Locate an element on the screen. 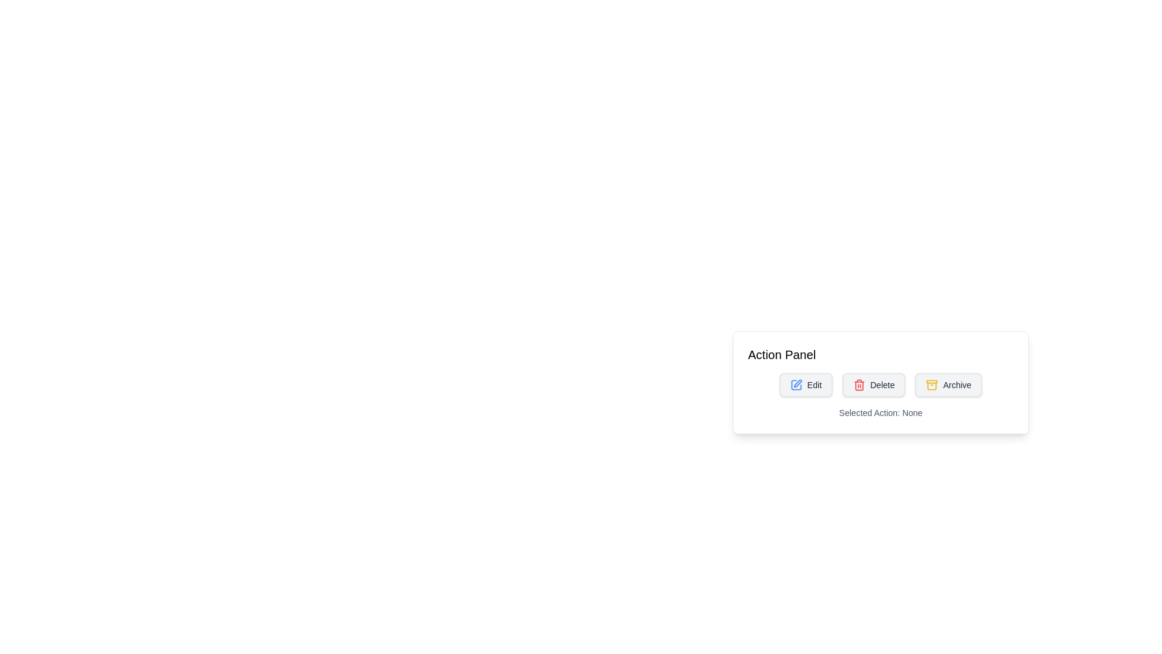  the text label displaying 'Selected Action: None', which is located at the bottom of the 'Action Panel' within the UI is located at coordinates (881, 412).